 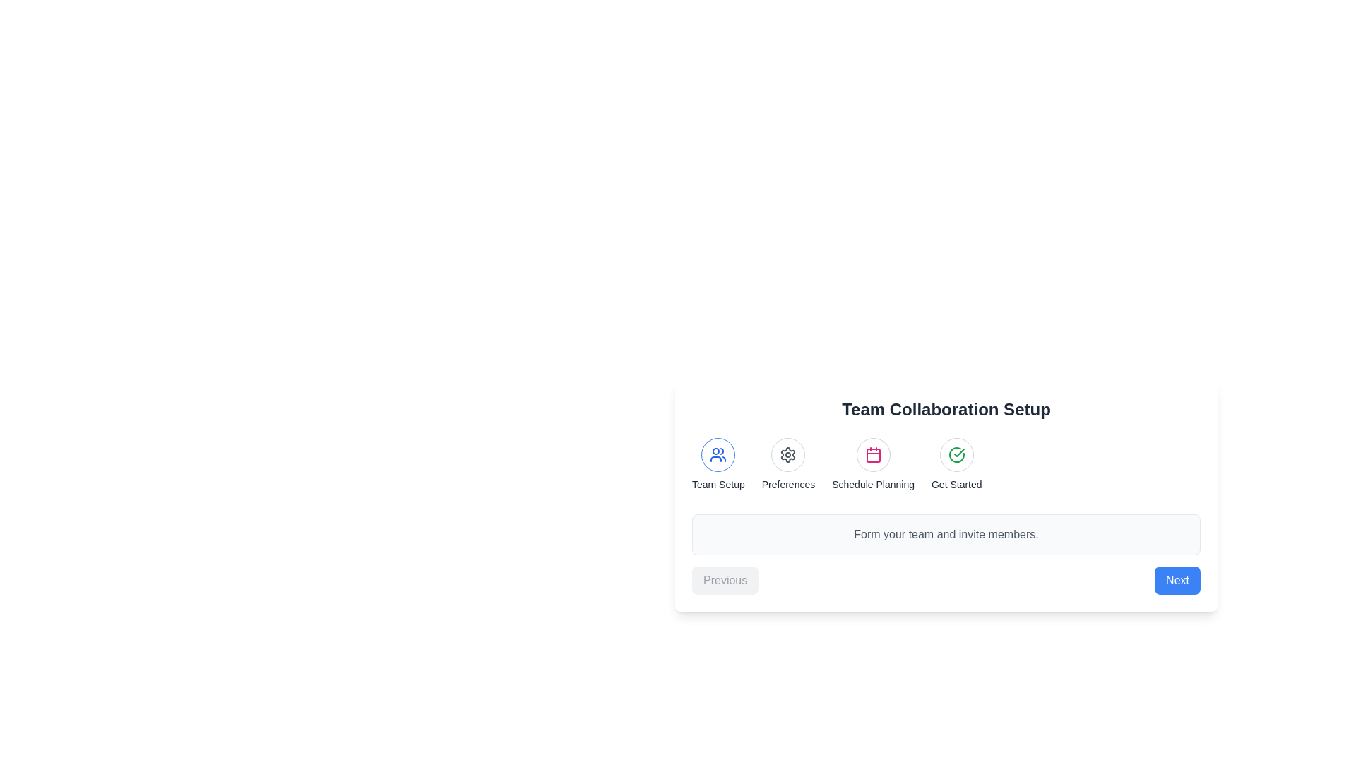 I want to click on the first button in the 'Team Collaboration Setup' section, which allows users to initiate or review team setup configurations, so click(x=718, y=455).